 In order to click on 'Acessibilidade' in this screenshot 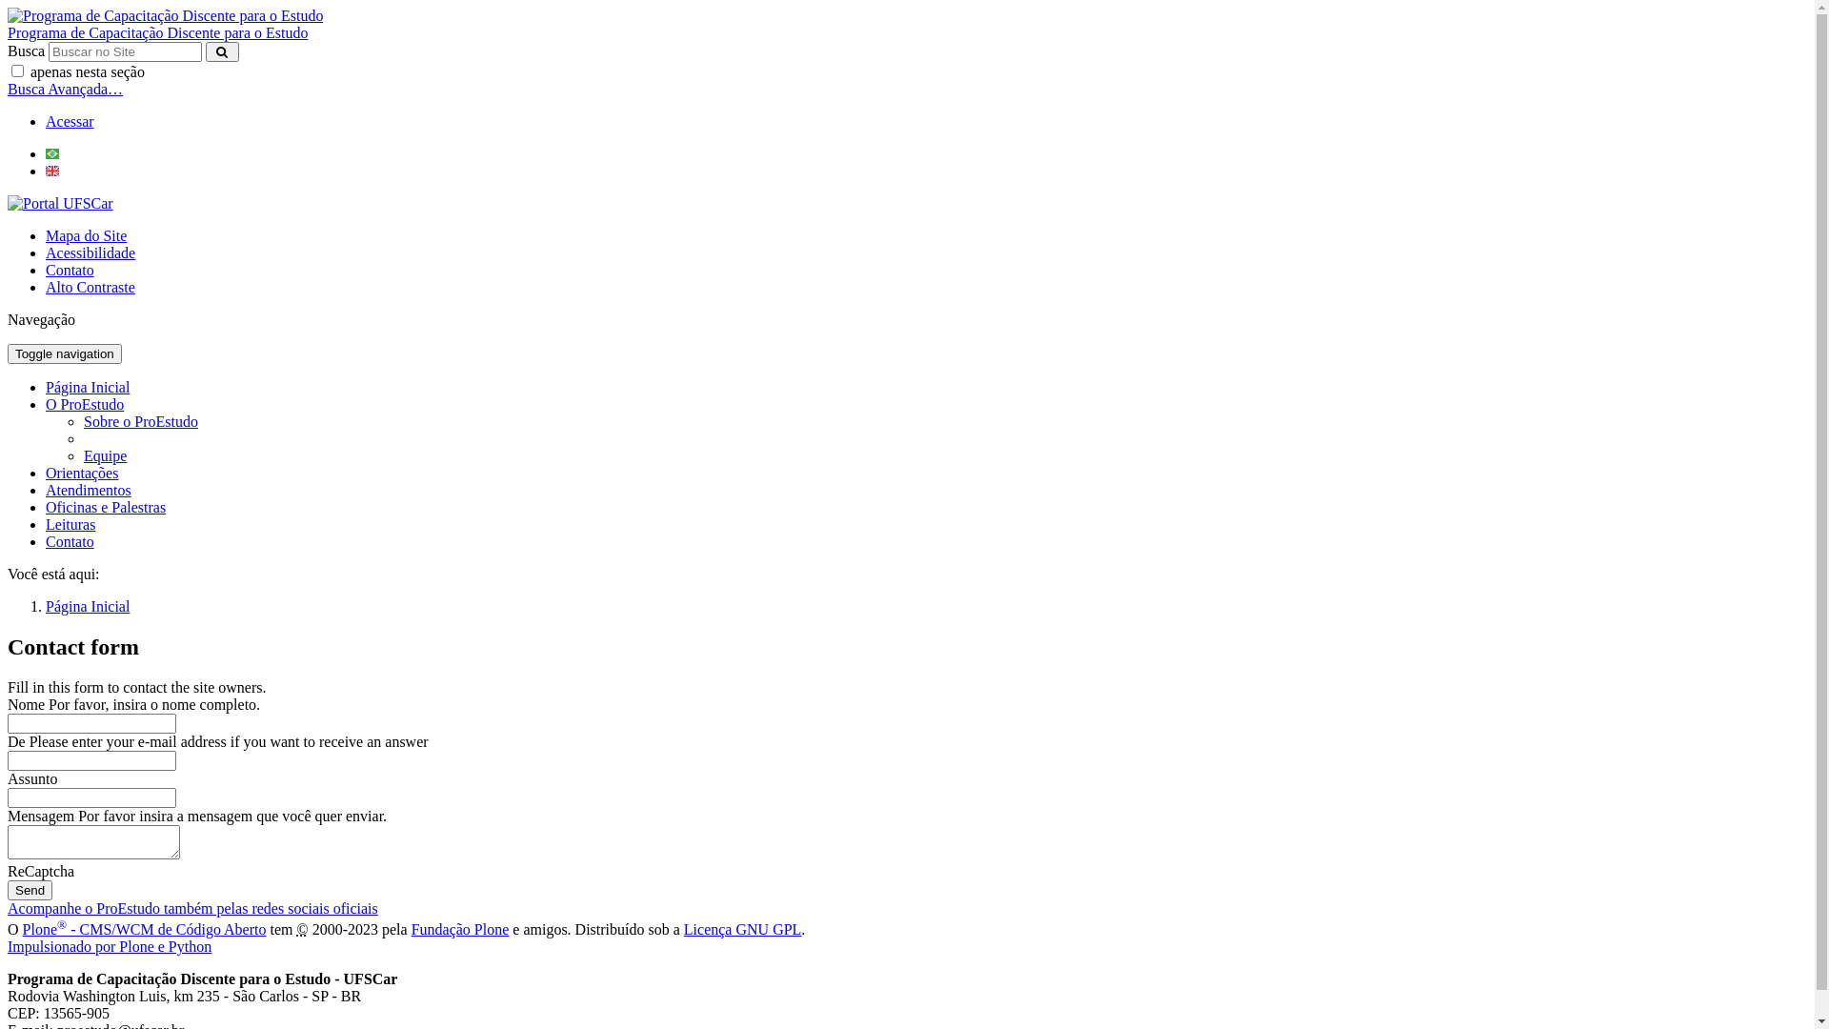, I will do `click(46, 252)`.